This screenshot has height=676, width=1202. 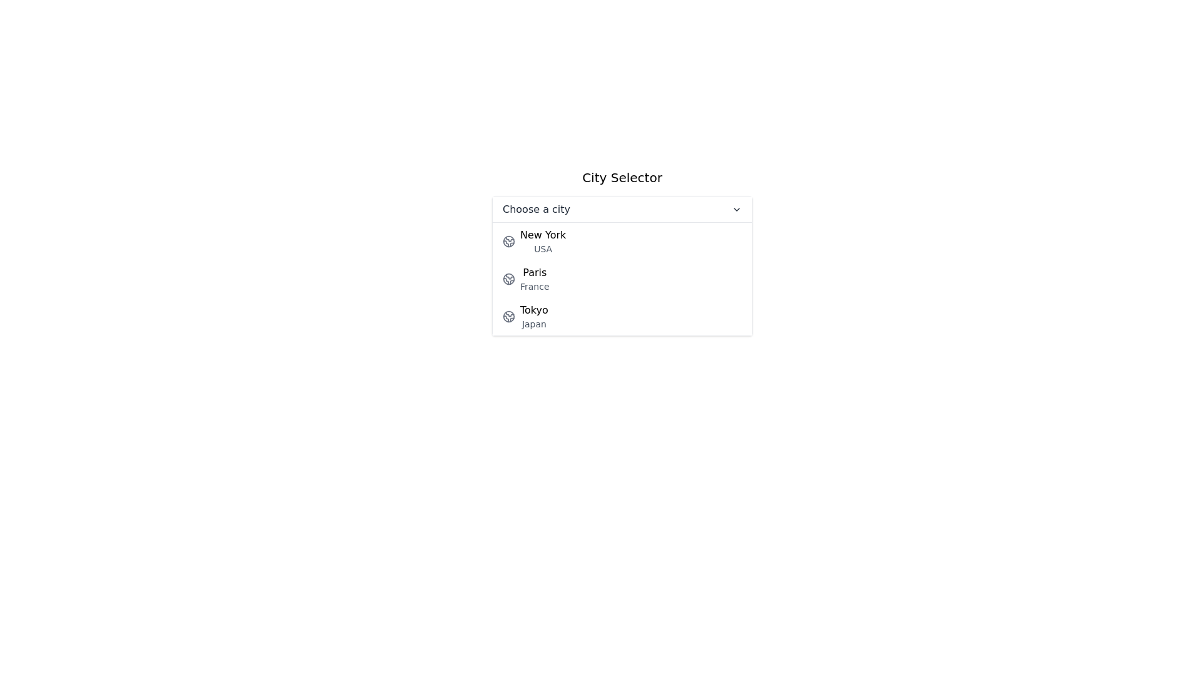 I want to click on text from the 'Paris' label in the City Selector dropdown menu, which is styled with medium font weight and is the upper label in its group, so click(x=535, y=272).